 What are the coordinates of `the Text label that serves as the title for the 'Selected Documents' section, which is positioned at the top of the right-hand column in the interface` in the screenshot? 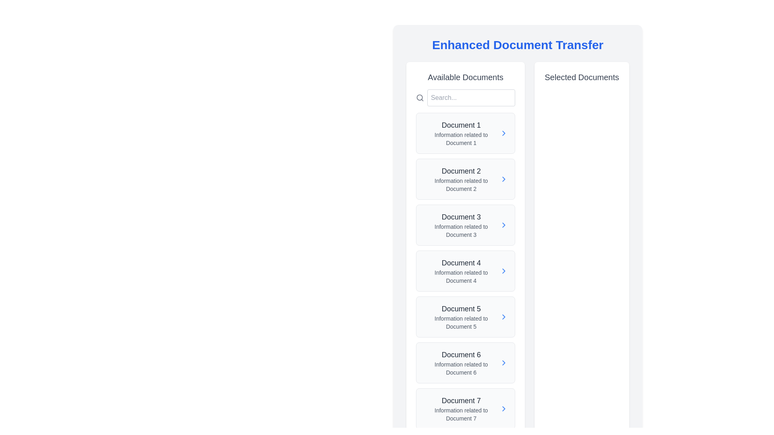 It's located at (582, 77).